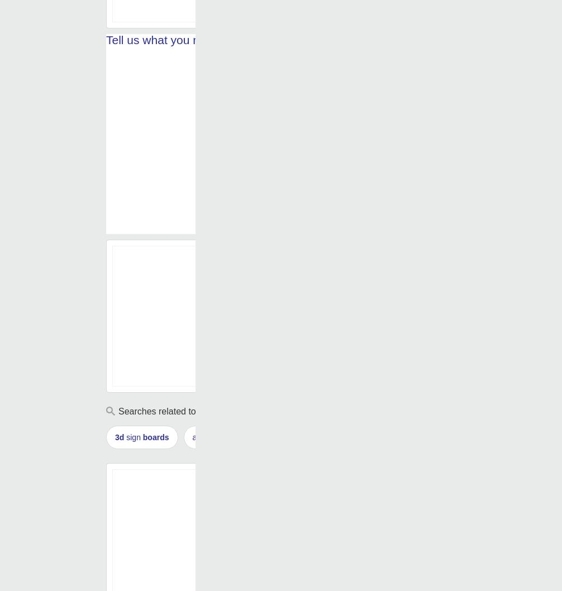 This screenshot has height=591, width=562. Describe the element at coordinates (266, 6) in the screenshot. I see `'Material'` at that location.